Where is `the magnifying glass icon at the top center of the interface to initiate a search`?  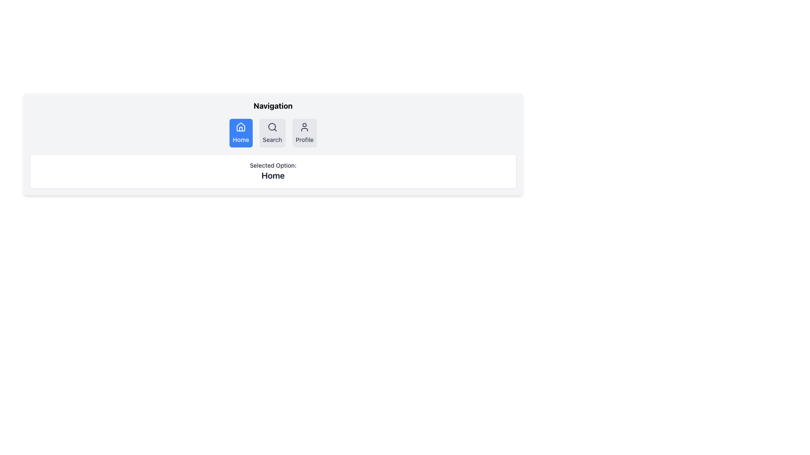
the magnifying glass icon at the top center of the interface to initiate a search is located at coordinates (272, 127).